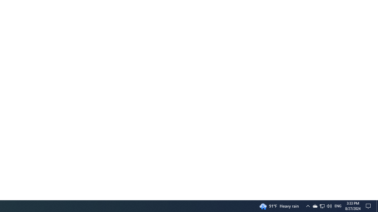 This screenshot has height=212, width=378. Describe the element at coordinates (377, 206) in the screenshot. I see `'Action Center, No new notifications'` at that location.